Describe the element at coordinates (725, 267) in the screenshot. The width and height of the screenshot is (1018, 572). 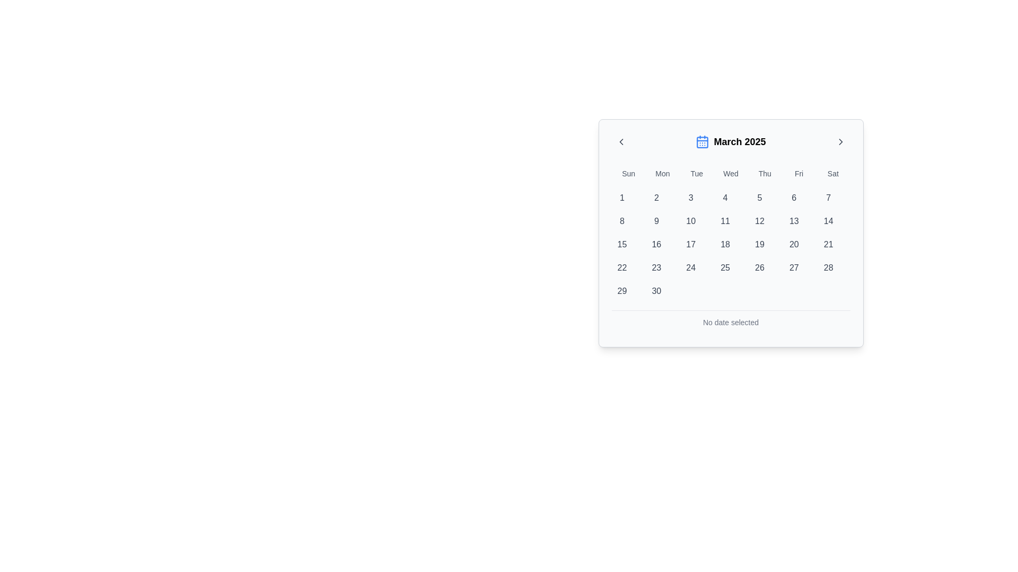
I see `the date picker button for the date '25'` at that location.